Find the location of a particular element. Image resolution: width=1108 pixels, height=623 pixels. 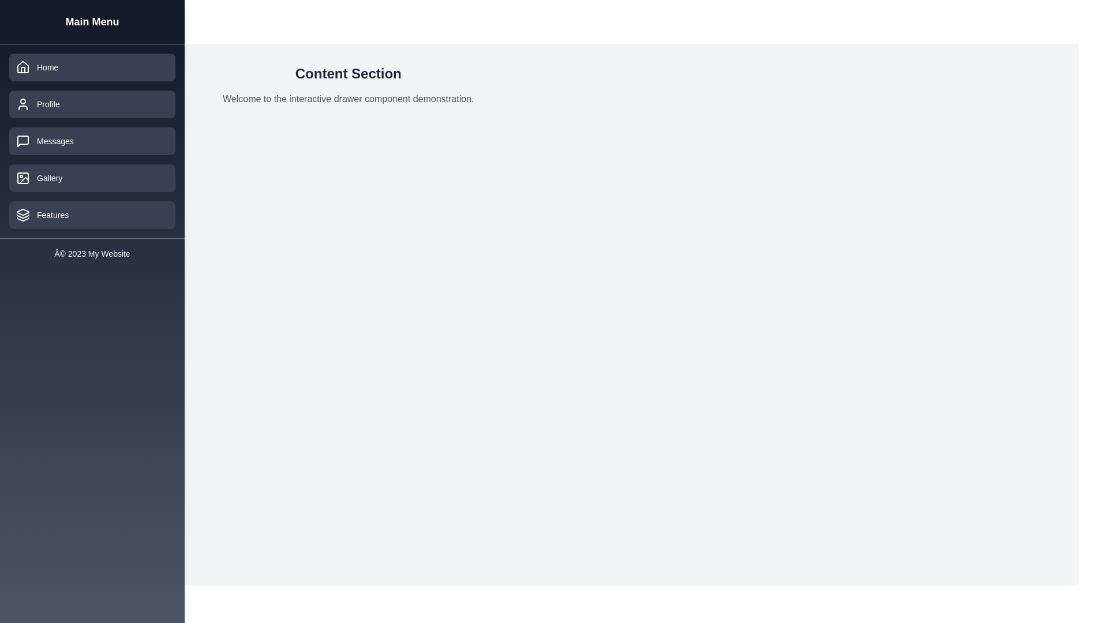

Vector graphic icon located in the navigation menu near the 'Home' option, which serves as a graphical indicator to close or cancel an associated feature or menu is located at coordinates (36, 62).